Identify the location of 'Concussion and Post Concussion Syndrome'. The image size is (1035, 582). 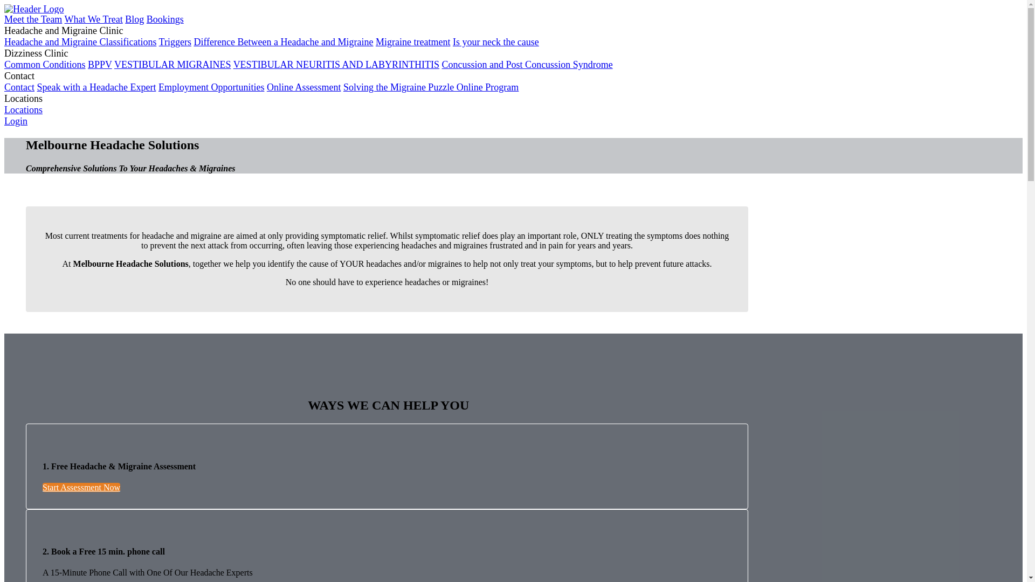
(527, 64).